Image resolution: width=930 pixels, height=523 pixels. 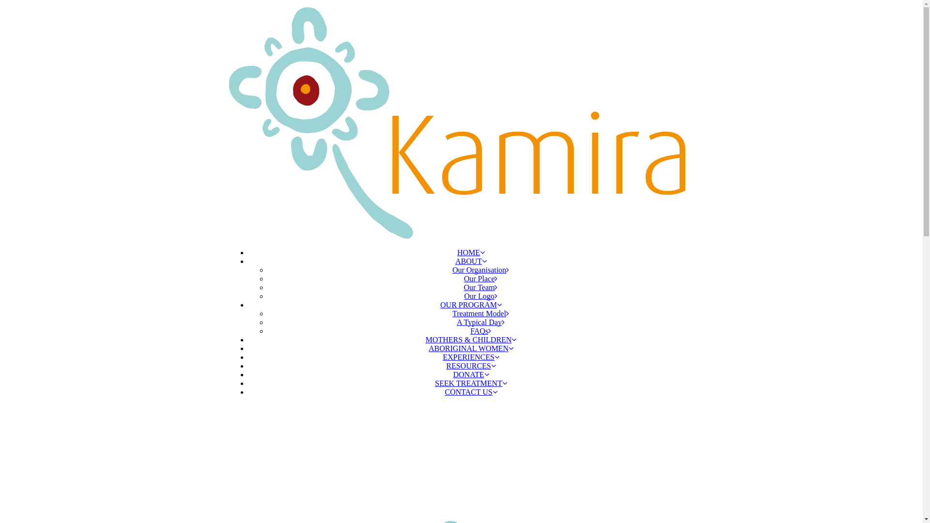 What do you see at coordinates (471, 347) in the screenshot?
I see `'ABORIGINAL WOMEN'` at bounding box center [471, 347].